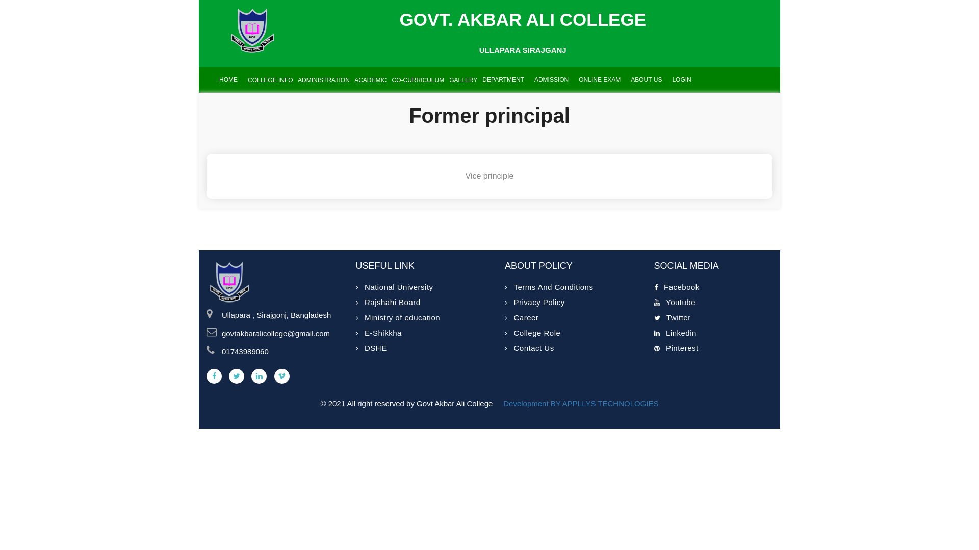 The width and height of the screenshot is (979, 550). Describe the element at coordinates (394, 287) in the screenshot. I see `'National University'` at that location.